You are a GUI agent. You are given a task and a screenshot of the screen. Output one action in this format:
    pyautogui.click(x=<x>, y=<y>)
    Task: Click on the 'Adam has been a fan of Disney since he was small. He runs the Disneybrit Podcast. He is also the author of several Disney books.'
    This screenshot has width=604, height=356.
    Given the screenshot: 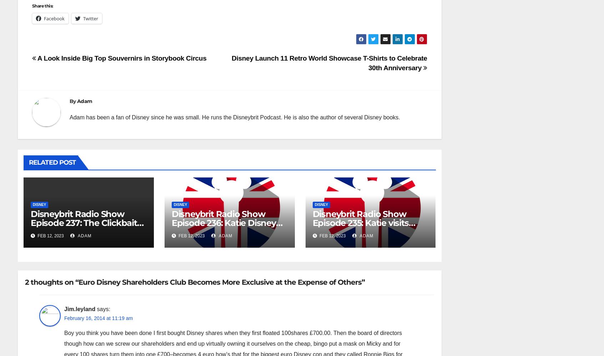 What is the action you would take?
    pyautogui.click(x=235, y=117)
    